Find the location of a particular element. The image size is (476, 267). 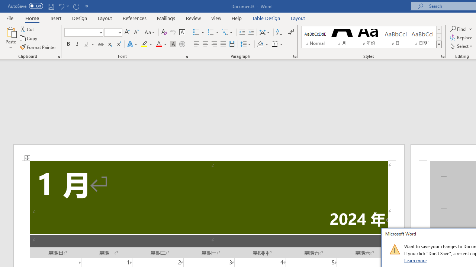

'Paragraph...' is located at coordinates (294, 56).